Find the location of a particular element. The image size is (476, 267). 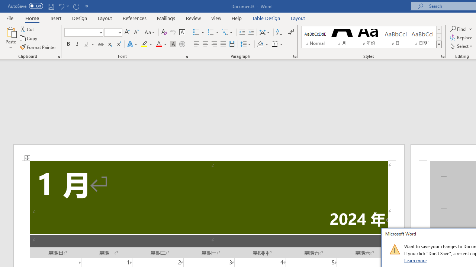

'Paragraph...' is located at coordinates (294, 56).